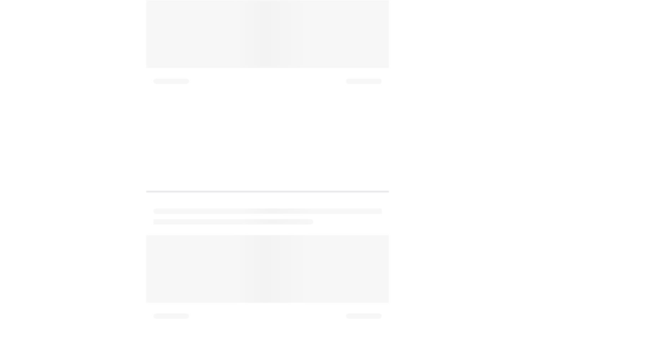 Image resolution: width=660 pixels, height=338 pixels. I want to click on 'Like us on Facebook', so click(200, 101).